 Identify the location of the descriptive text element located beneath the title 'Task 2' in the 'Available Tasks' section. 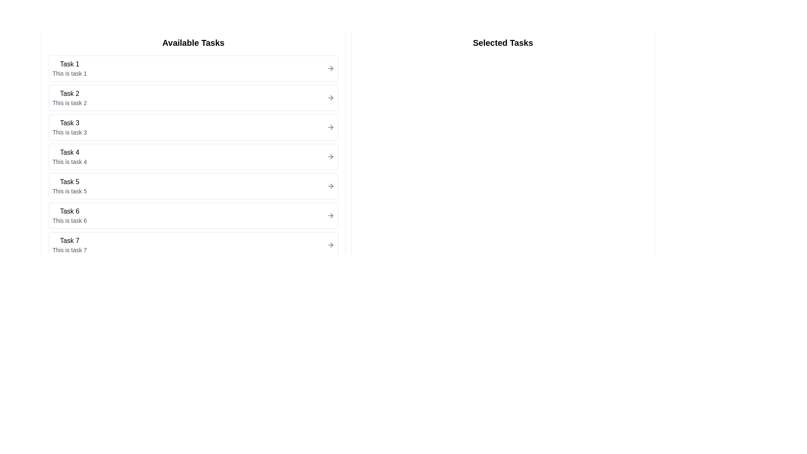
(69, 103).